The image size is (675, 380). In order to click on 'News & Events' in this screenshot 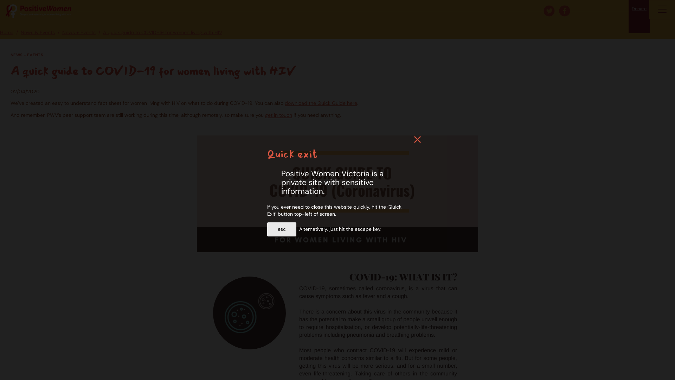, I will do `click(37, 32)`.